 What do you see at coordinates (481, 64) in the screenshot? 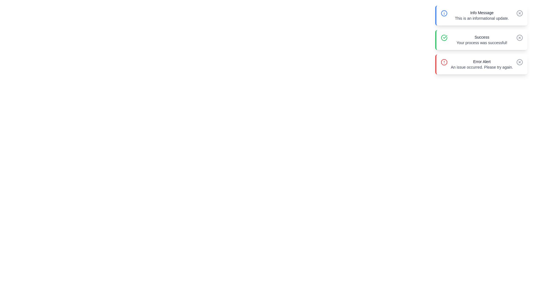
I see `the 'Error Alert' Text Display located in the bottom-right corner of the message boxes` at bounding box center [481, 64].